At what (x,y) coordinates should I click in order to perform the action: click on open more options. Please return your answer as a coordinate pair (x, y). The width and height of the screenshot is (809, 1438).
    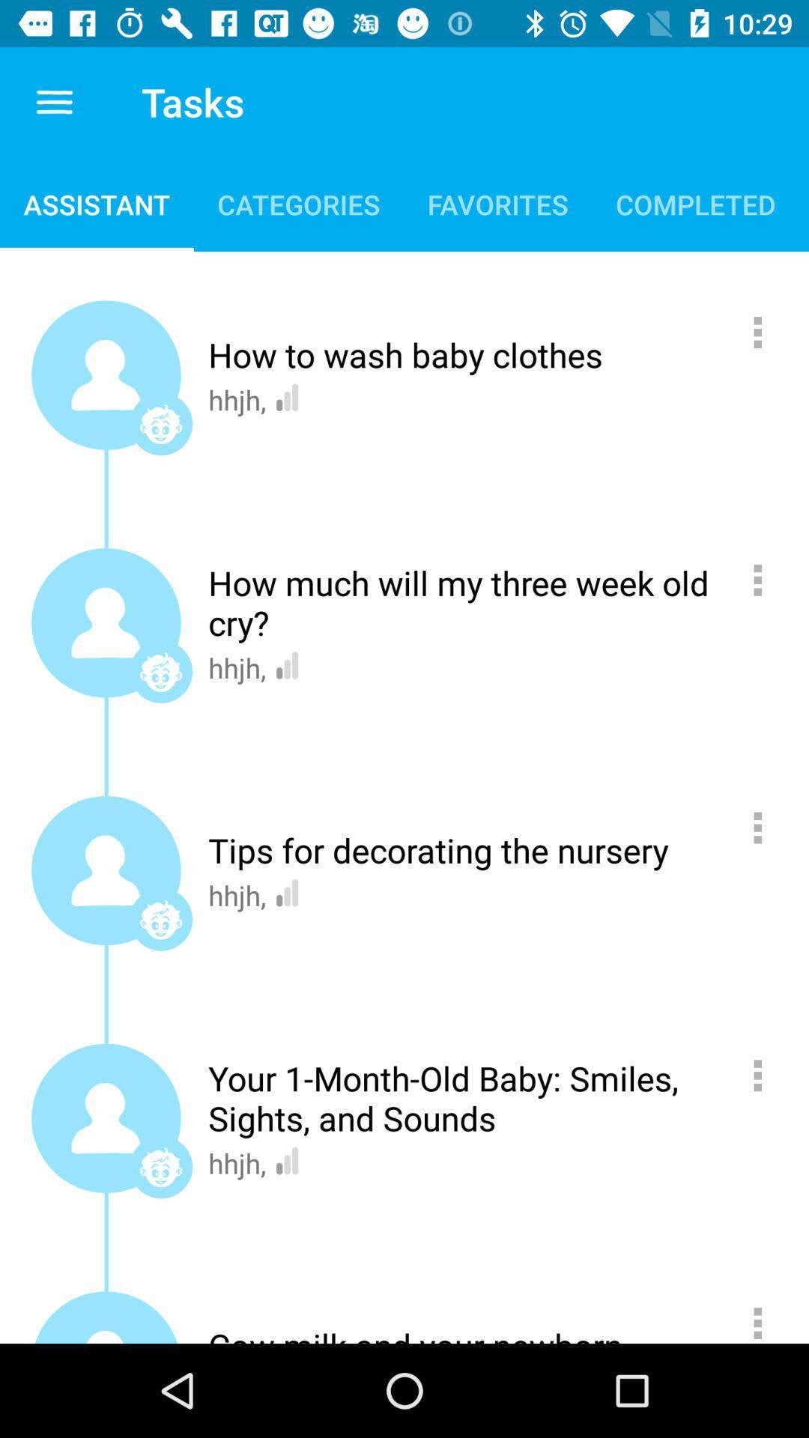
    Looking at the image, I should click on (766, 579).